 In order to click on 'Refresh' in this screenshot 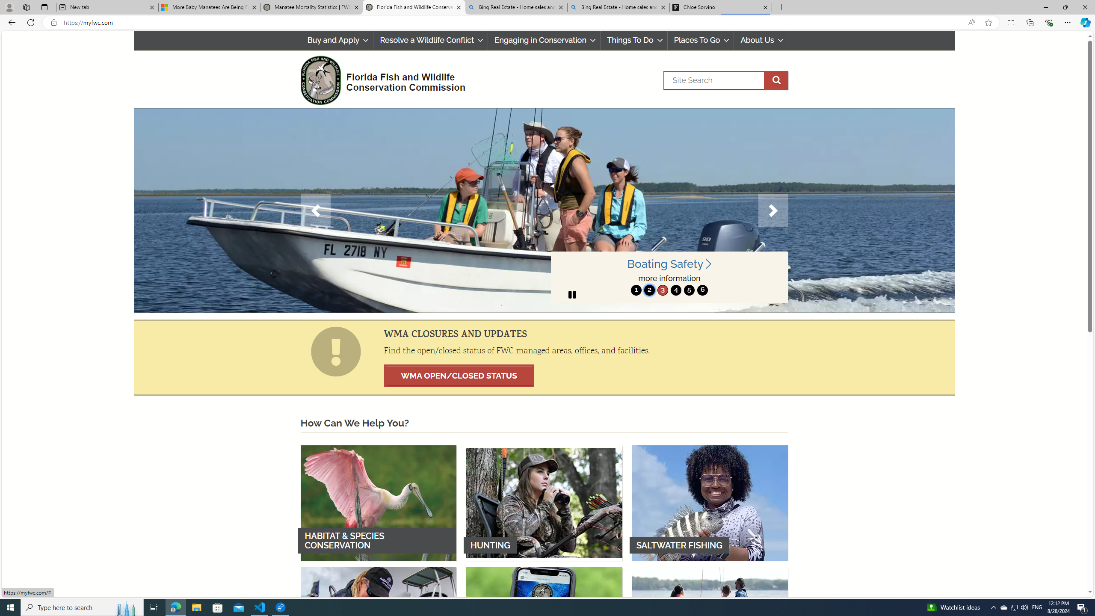, I will do `click(30, 22)`.